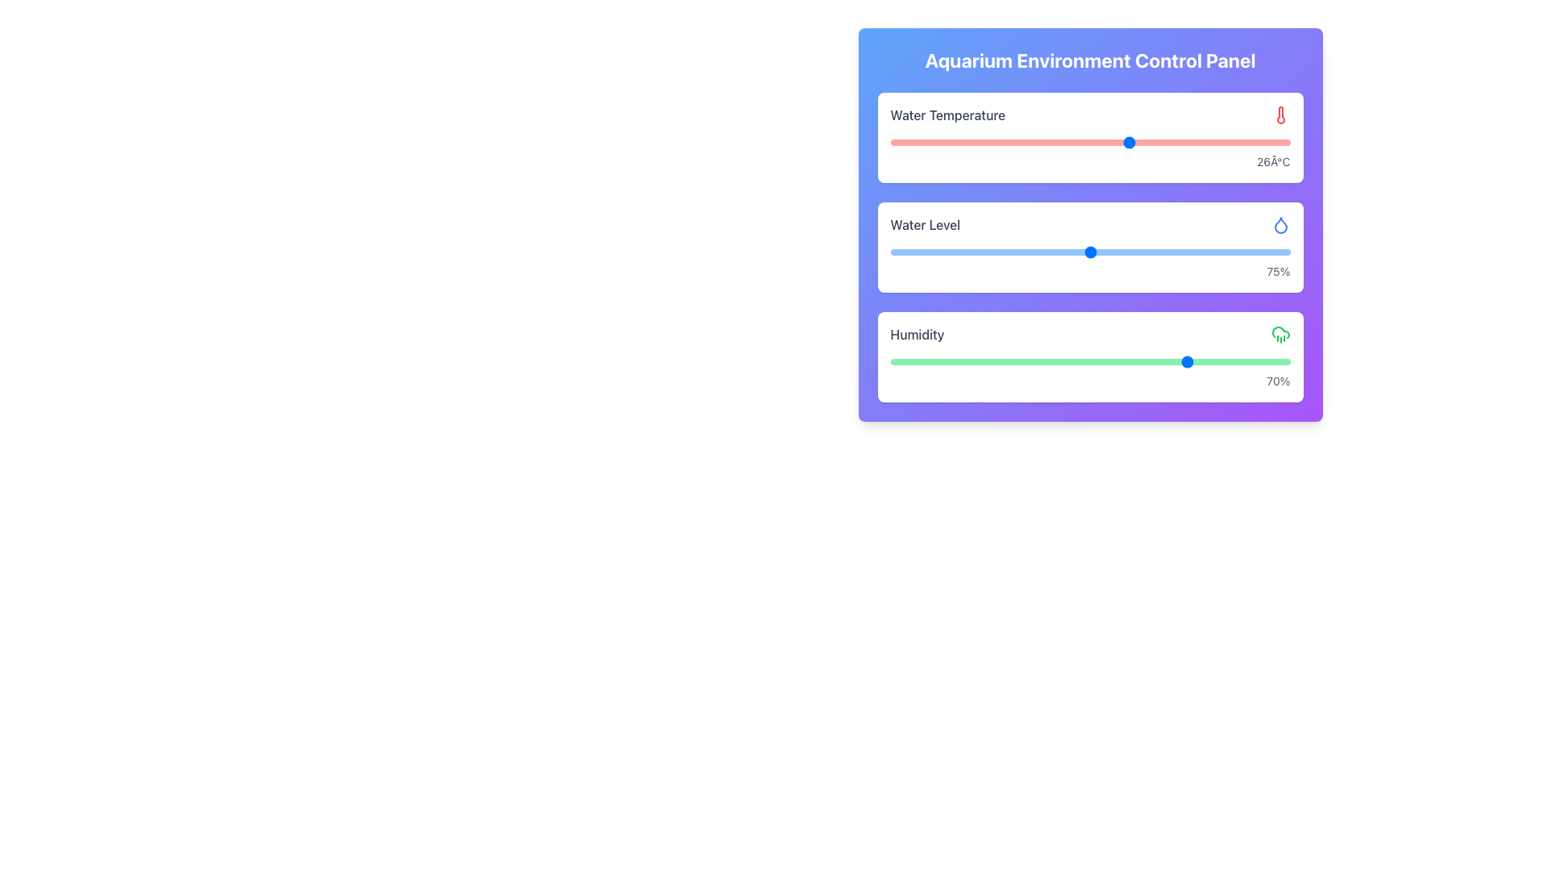 The width and height of the screenshot is (1548, 871). Describe the element at coordinates (1090, 114) in the screenshot. I see `the 'Water Temperature' label which displays the text in gray font aligned with a red thermometer icon on the right` at that location.